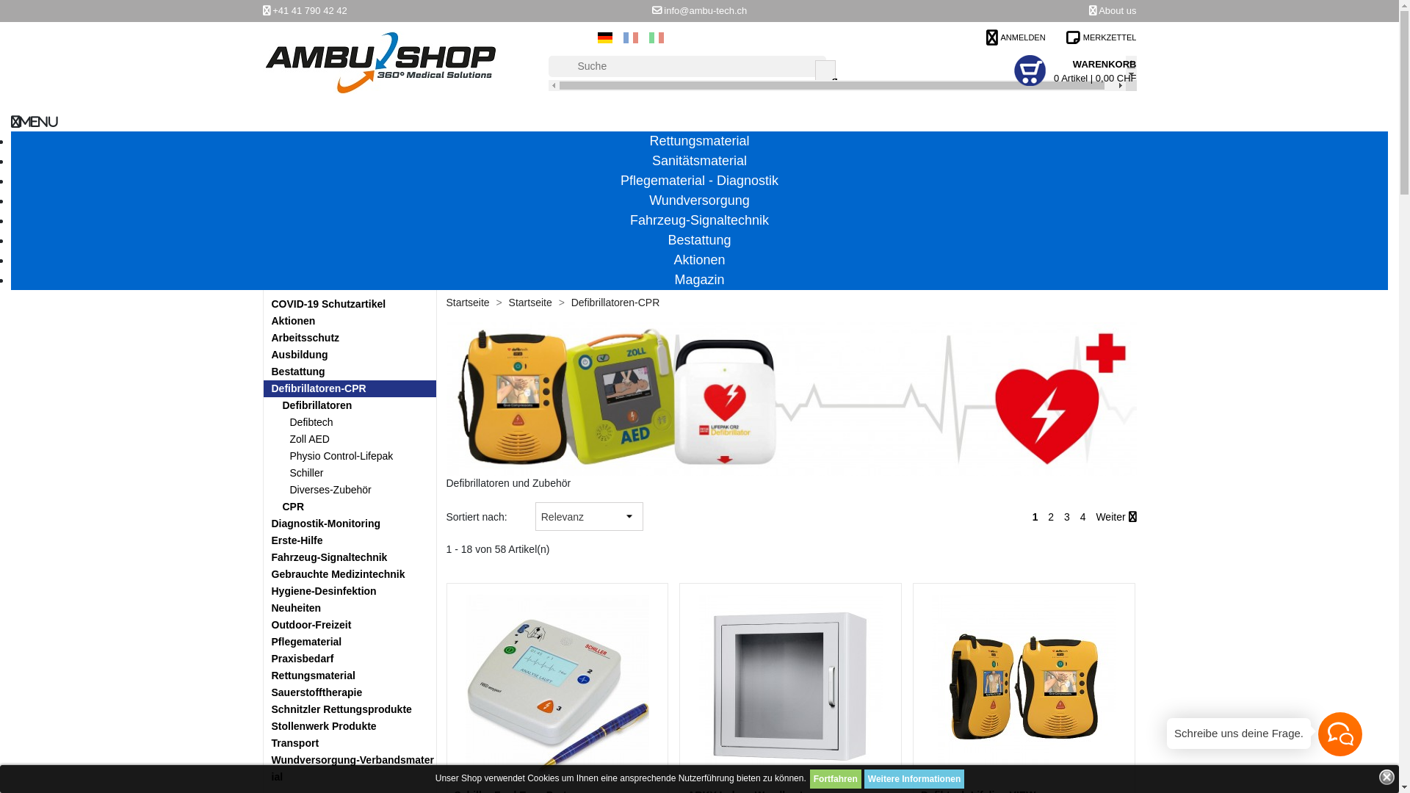 The height and width of the screenshot is (793, 1410). What do you see at coordinates (380, 57) in the screenshot?
I see `'Ambu Shop '` at bounding box center [380, 57].